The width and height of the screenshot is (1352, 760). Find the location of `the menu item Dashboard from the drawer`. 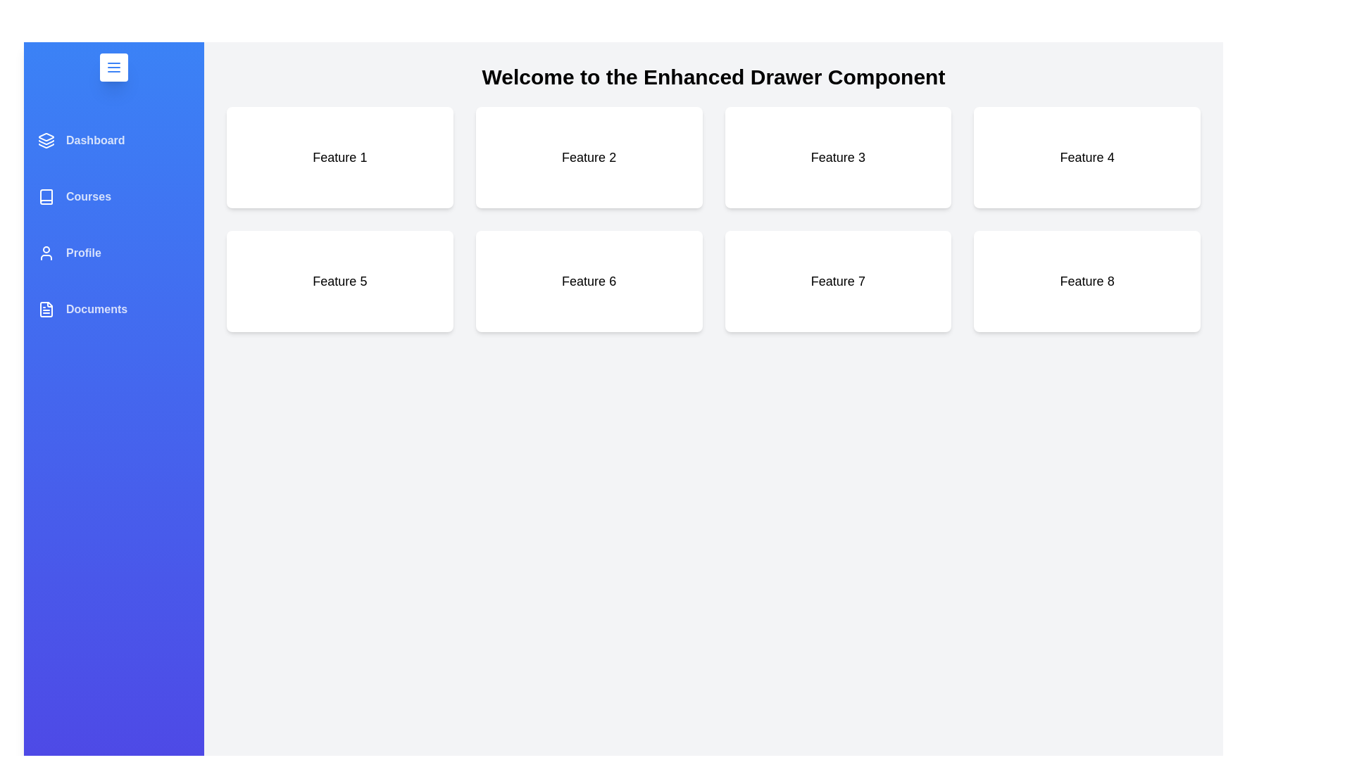

the menu item Dashboard from the drawer is located at coordinates (114, 141).